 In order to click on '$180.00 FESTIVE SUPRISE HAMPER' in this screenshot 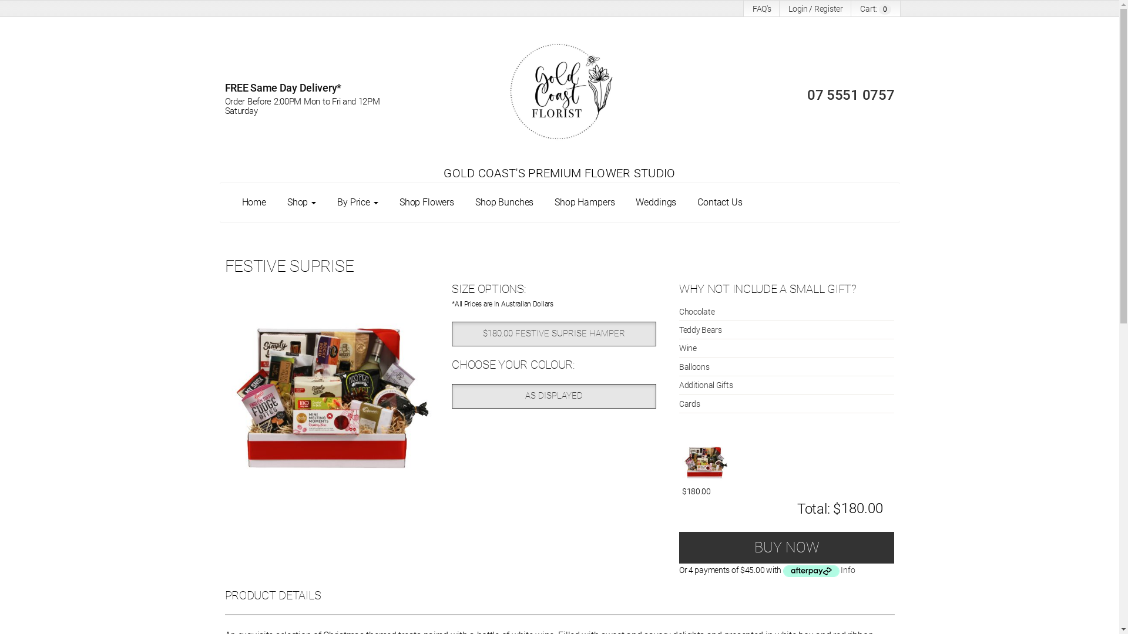, I will do `click(553, 334)`.